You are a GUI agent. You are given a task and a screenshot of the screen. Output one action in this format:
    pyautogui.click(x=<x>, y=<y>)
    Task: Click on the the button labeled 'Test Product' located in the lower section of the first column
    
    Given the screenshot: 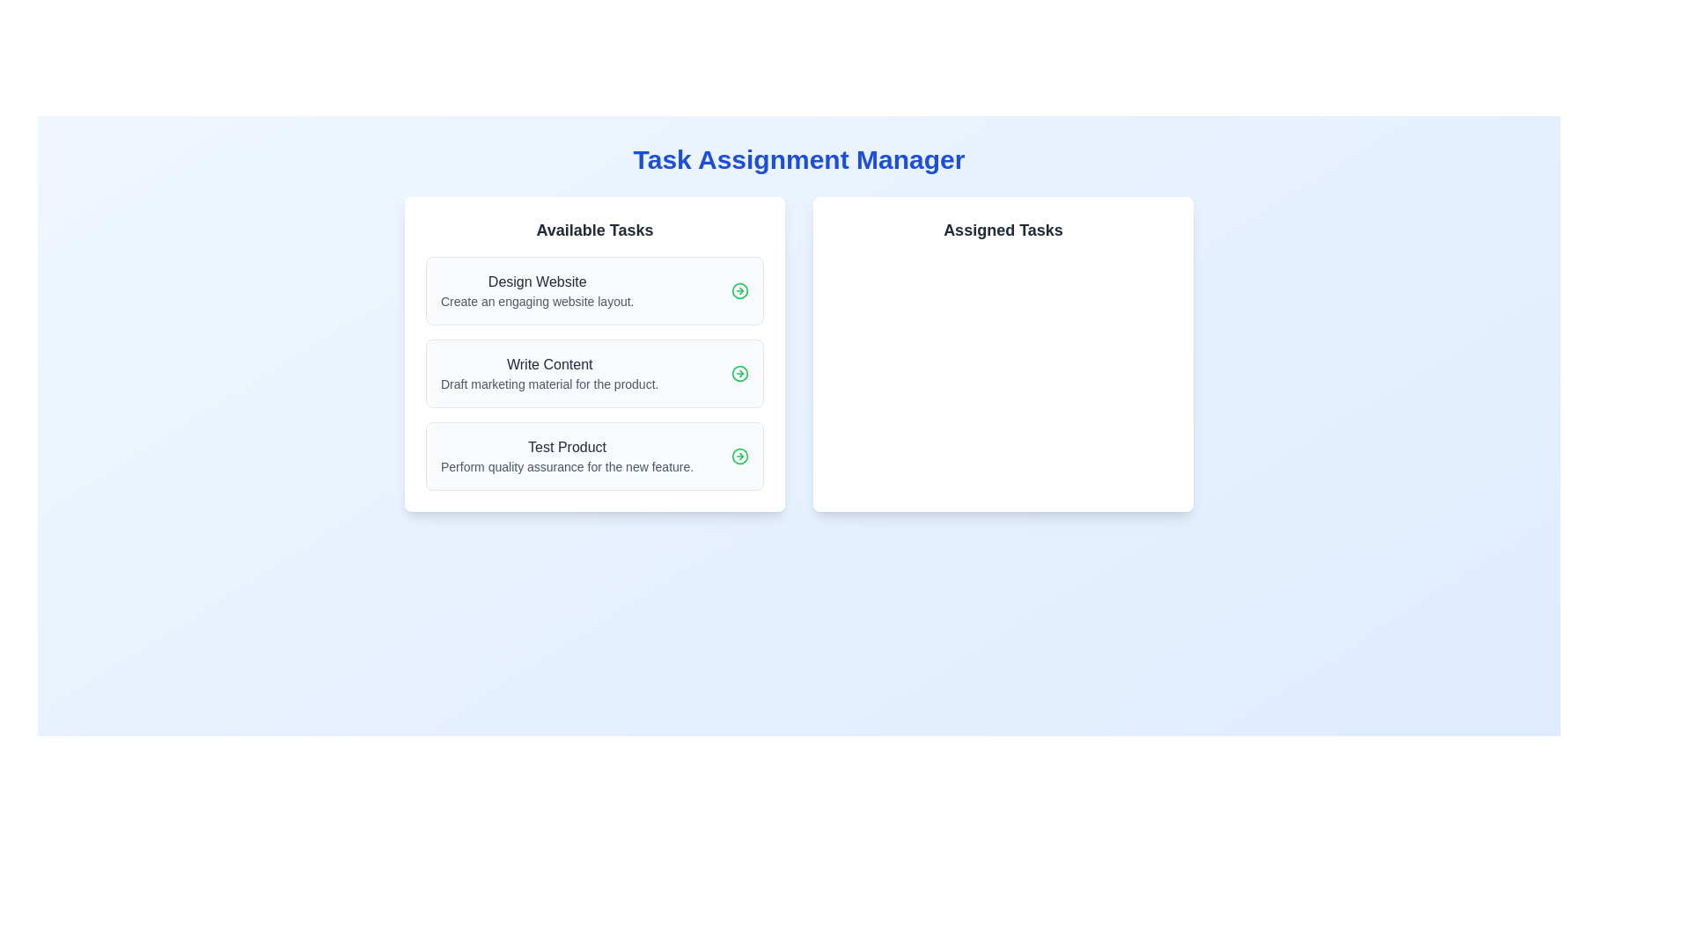 What is the action you would take?
    pyautogui.click(x=739, y=456)
    